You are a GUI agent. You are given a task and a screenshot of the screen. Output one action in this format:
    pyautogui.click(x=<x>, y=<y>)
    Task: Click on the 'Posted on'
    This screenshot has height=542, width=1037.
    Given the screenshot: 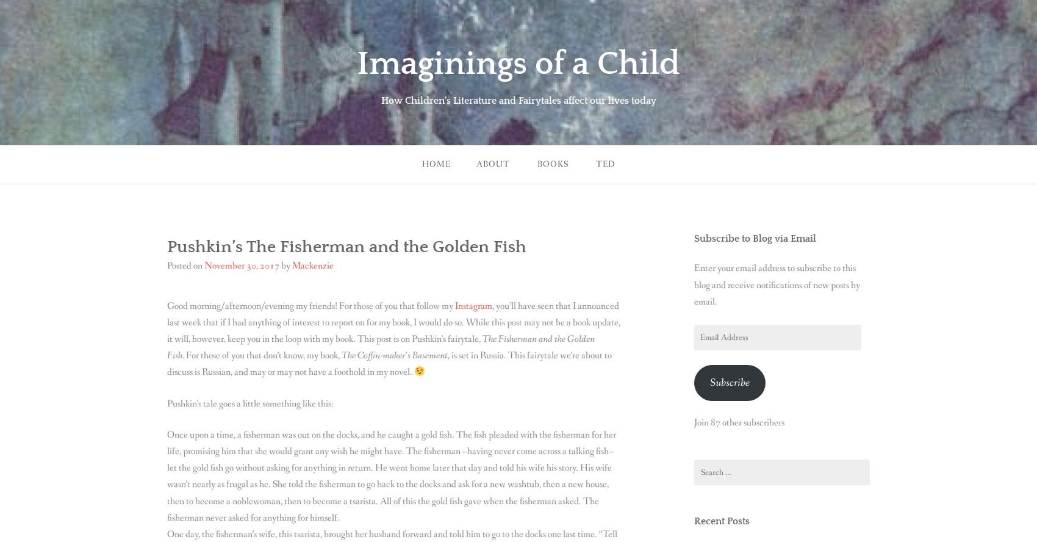 What is the action you would take?
    pyautogui.click(x=185, y=264)
    